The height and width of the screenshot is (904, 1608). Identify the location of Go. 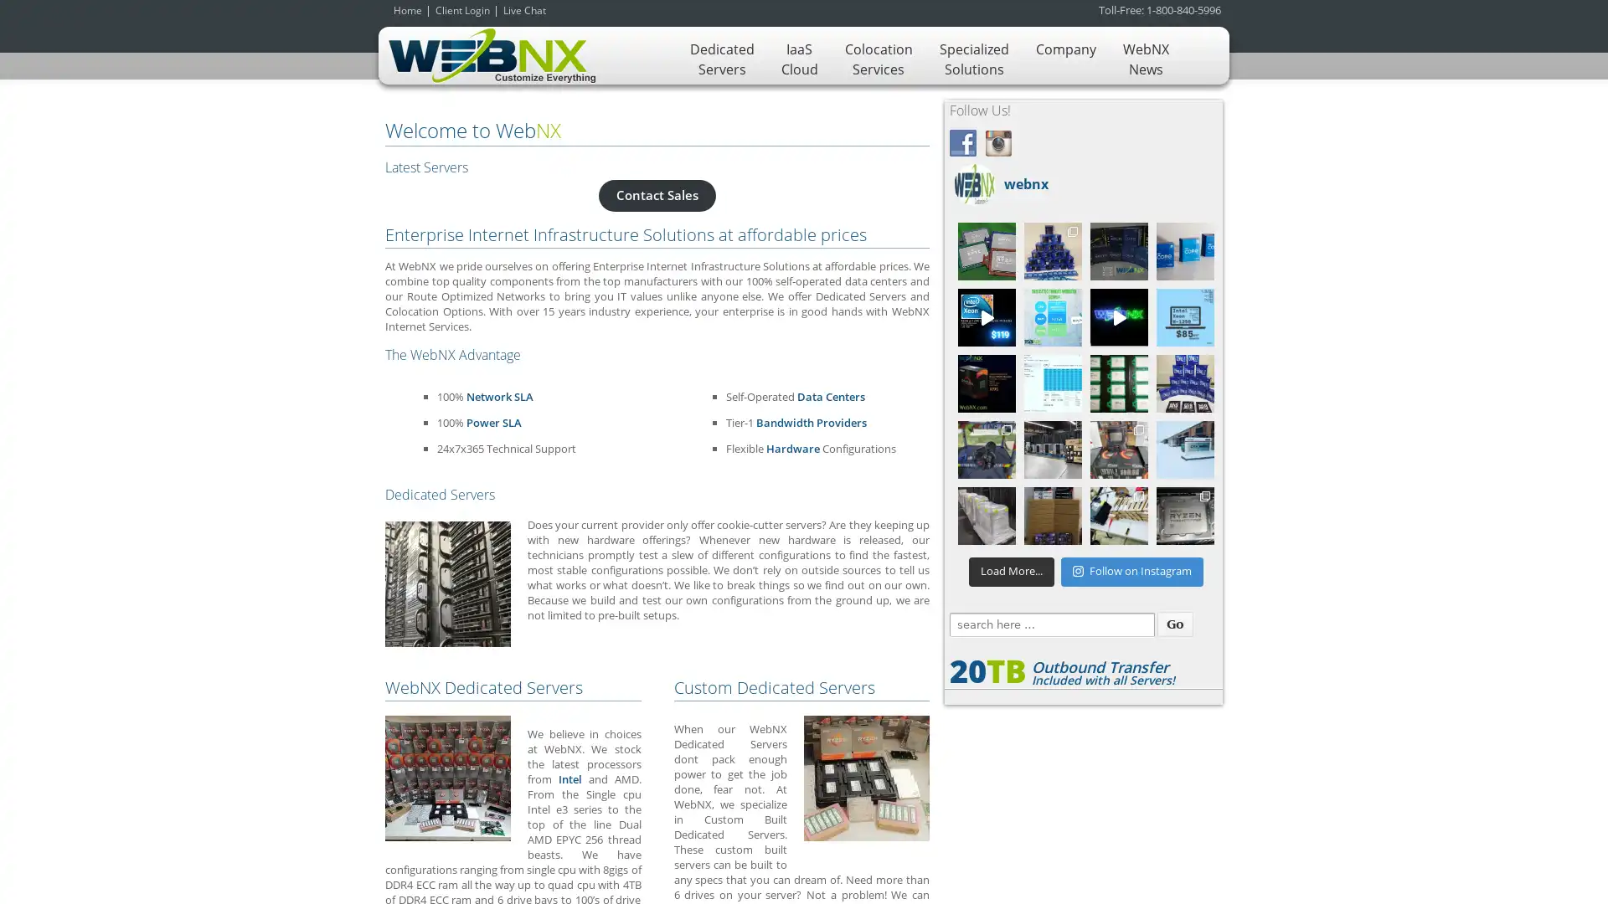
(1173, 624).